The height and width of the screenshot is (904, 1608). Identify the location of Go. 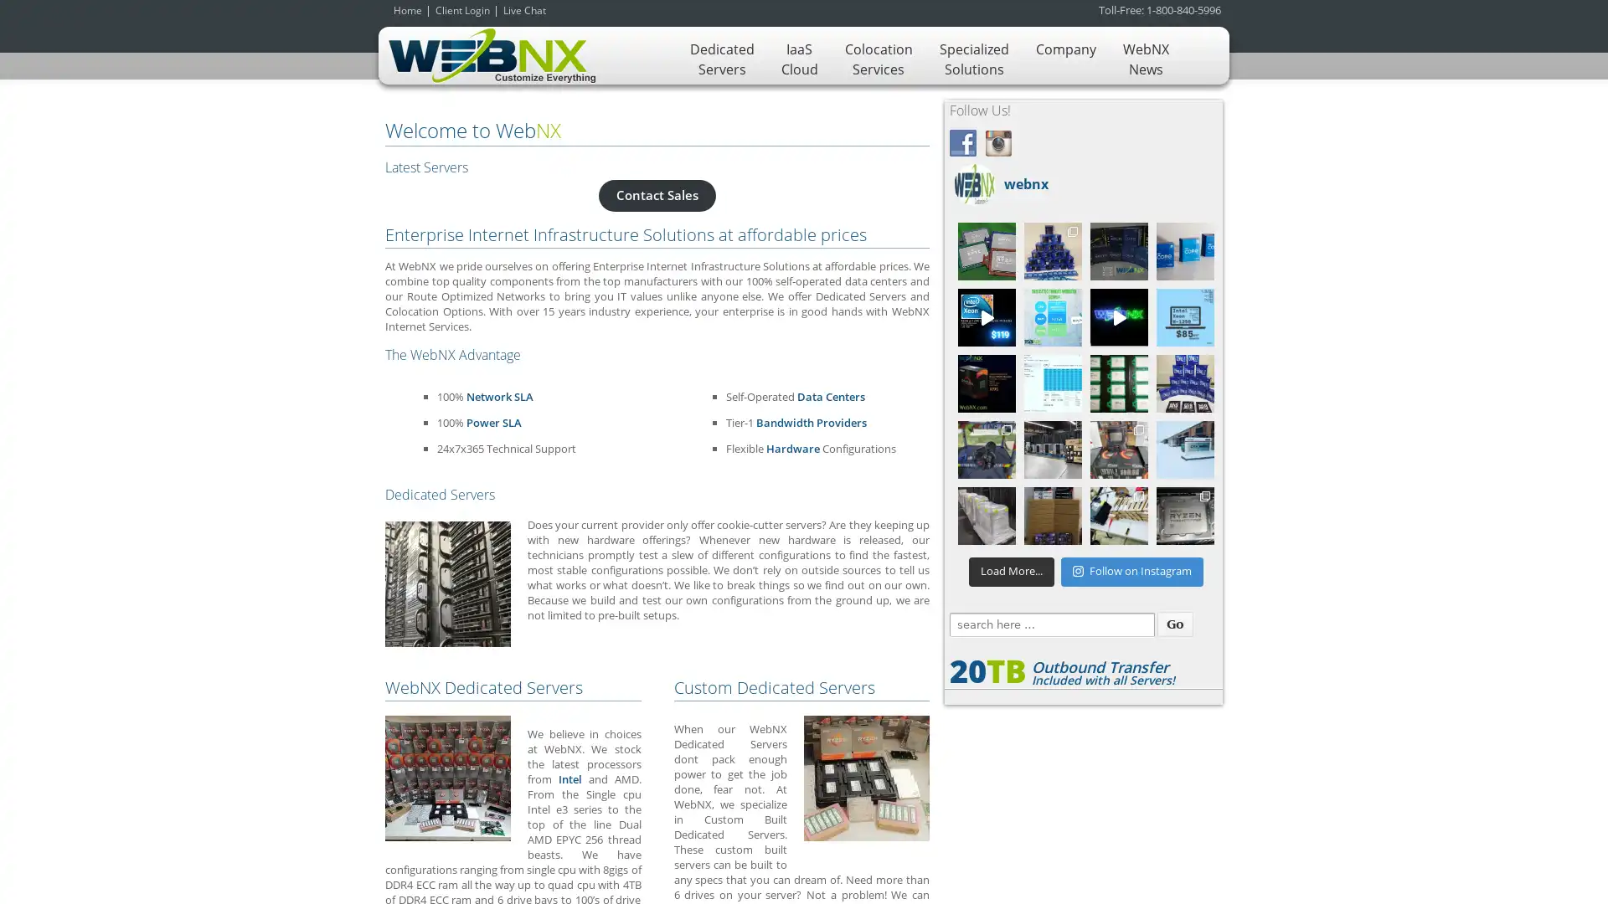
(1173, 624).